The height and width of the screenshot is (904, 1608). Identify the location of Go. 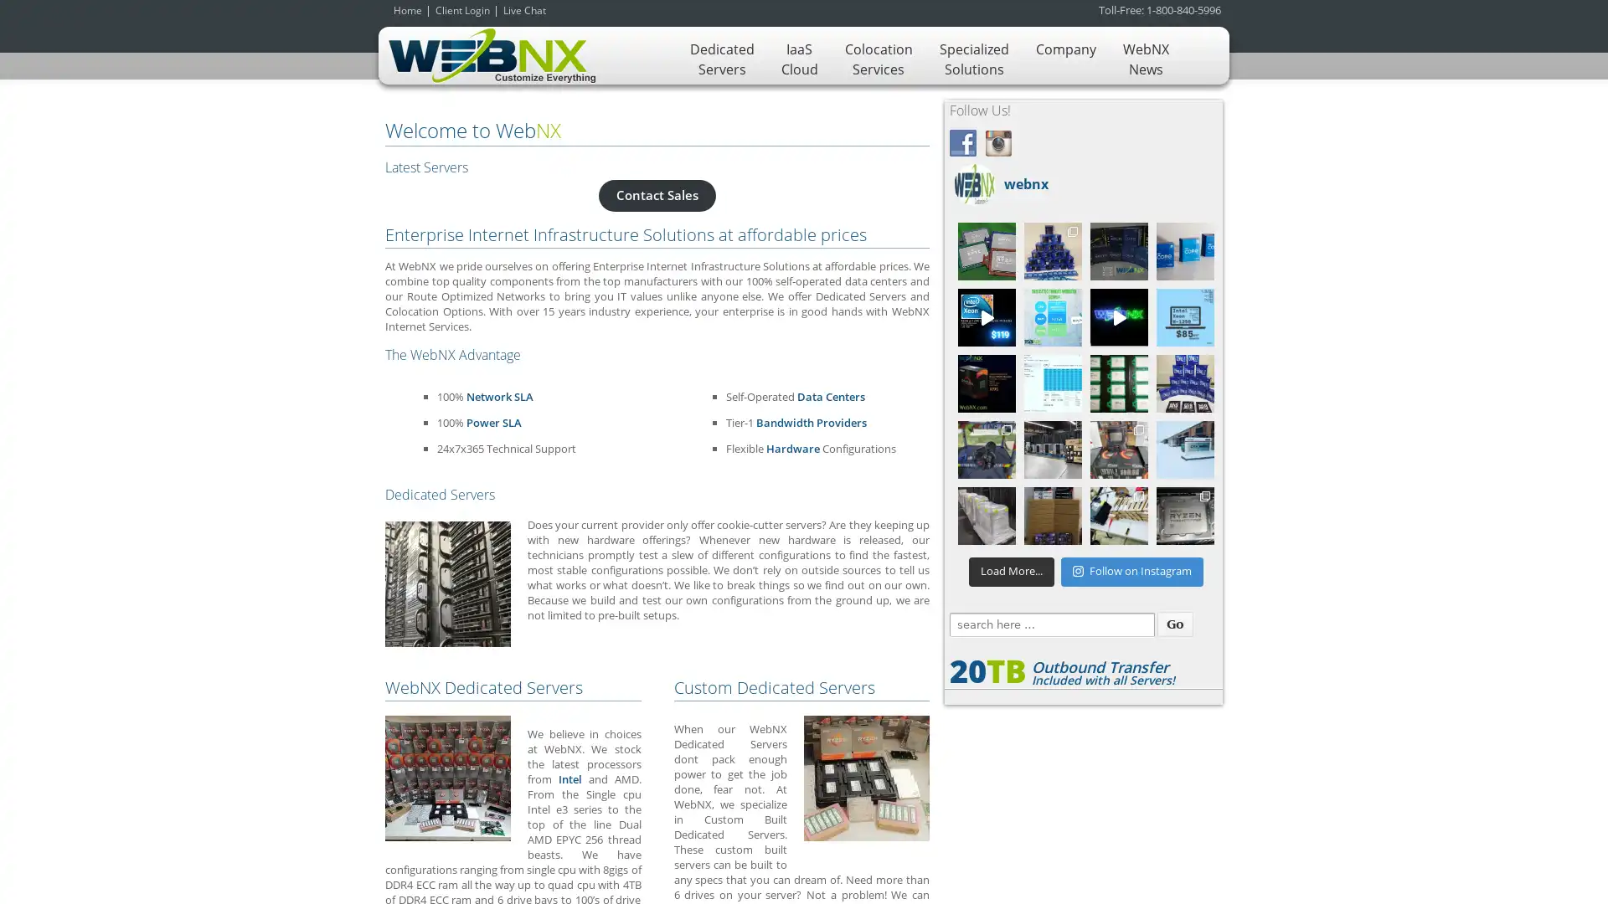
(1173, 624).